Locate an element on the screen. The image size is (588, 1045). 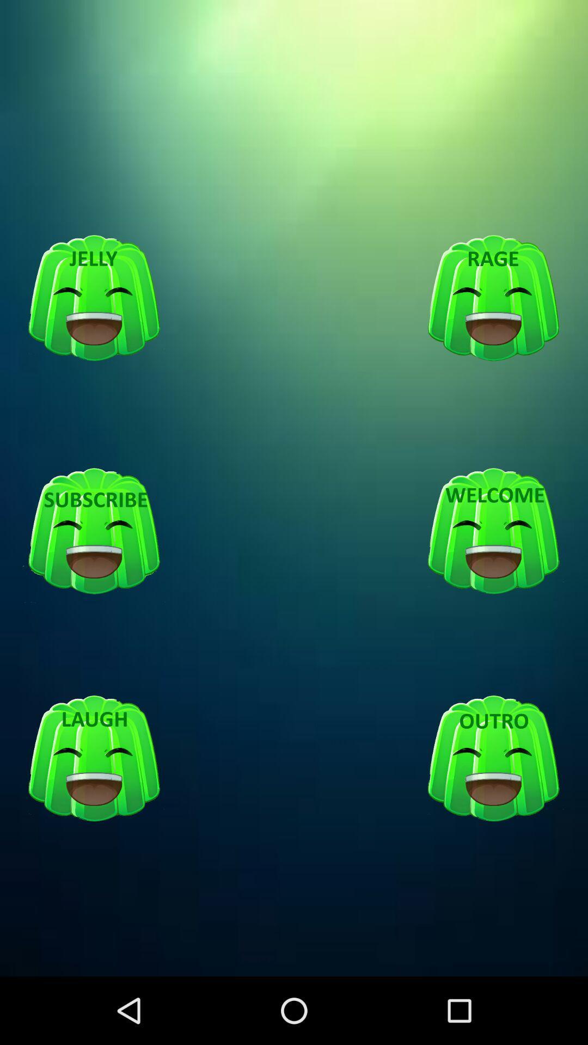
shows welcome option is located at coordinates (493, 532).